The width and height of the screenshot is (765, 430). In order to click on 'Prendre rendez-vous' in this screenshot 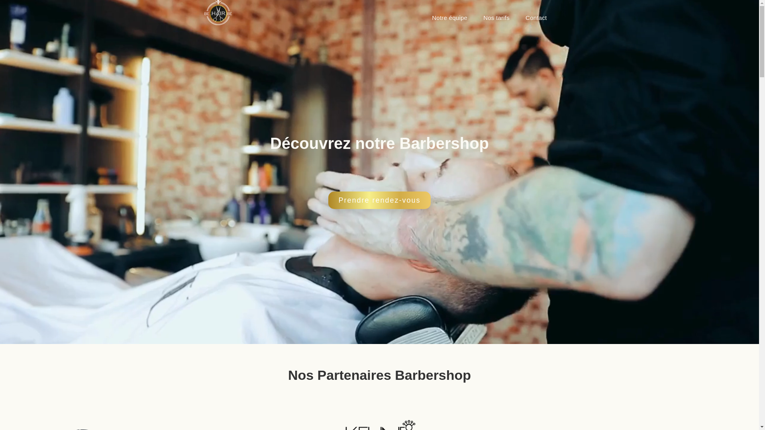, I will do `click(379, 199)`.